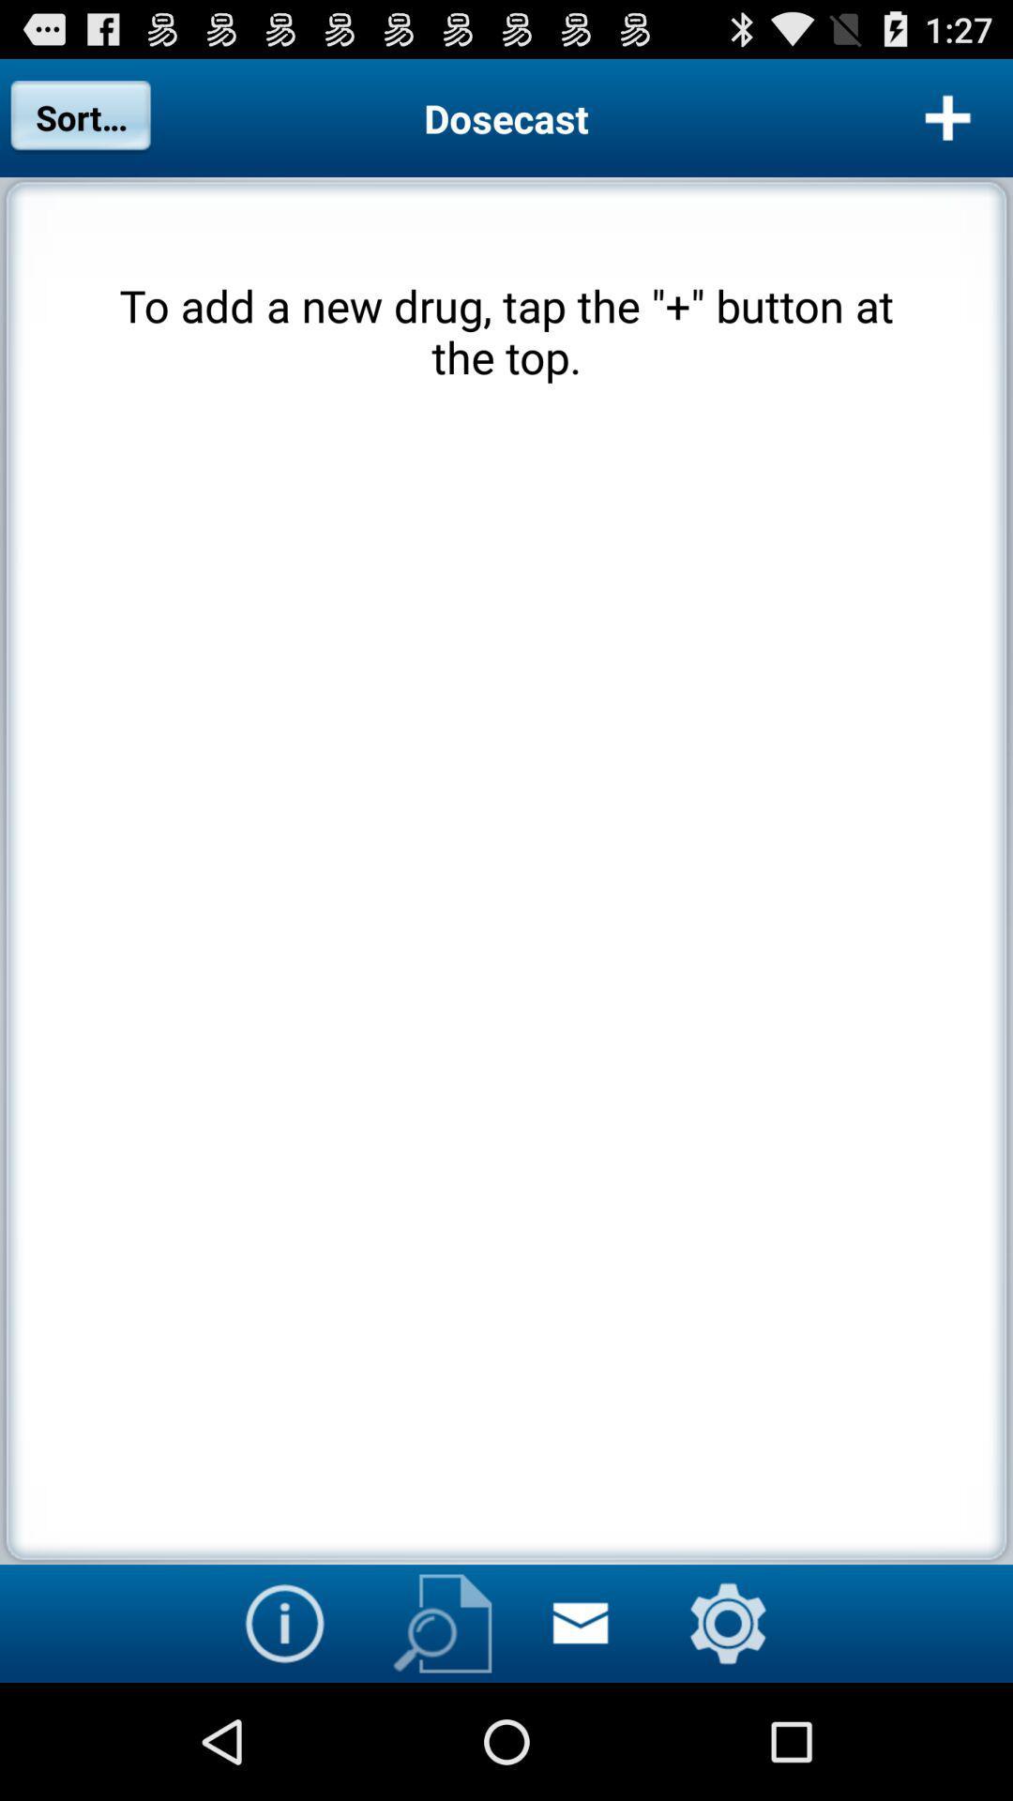  What do you see at coordinates (727, 1736) in the screenshot?
I see `the settings icon` at bounding box center [727, 1736].